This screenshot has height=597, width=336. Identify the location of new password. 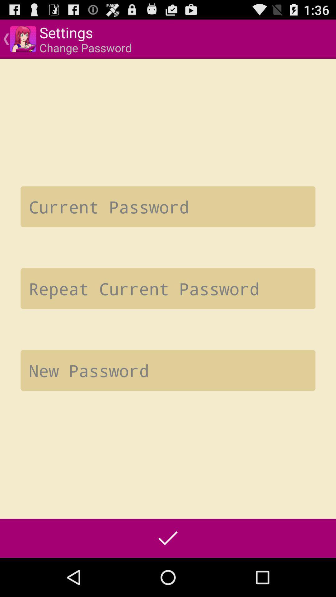
(168, 370).